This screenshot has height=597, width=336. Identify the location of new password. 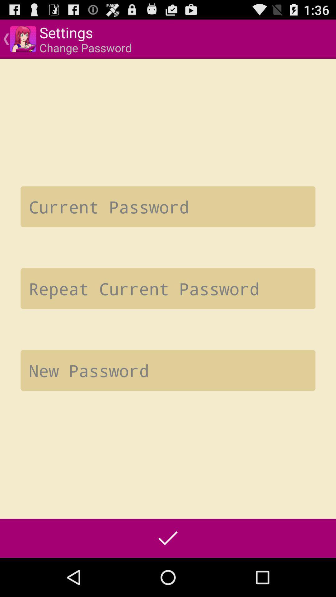
(168, 370).